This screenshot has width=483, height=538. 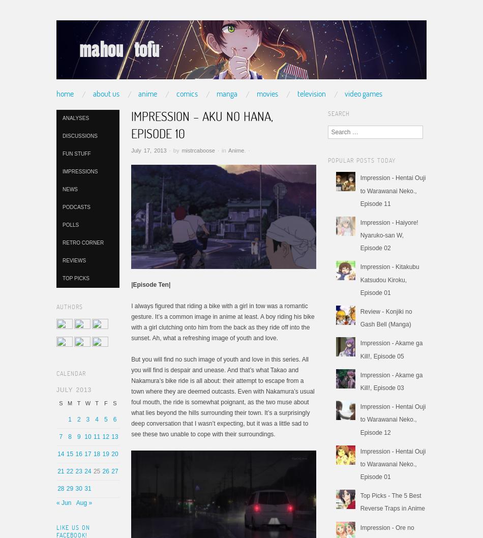 What do you see at coordinates (148, 149) in the screenshot?
I see `'July 17, 2013'` at bounding box center [148, 149].